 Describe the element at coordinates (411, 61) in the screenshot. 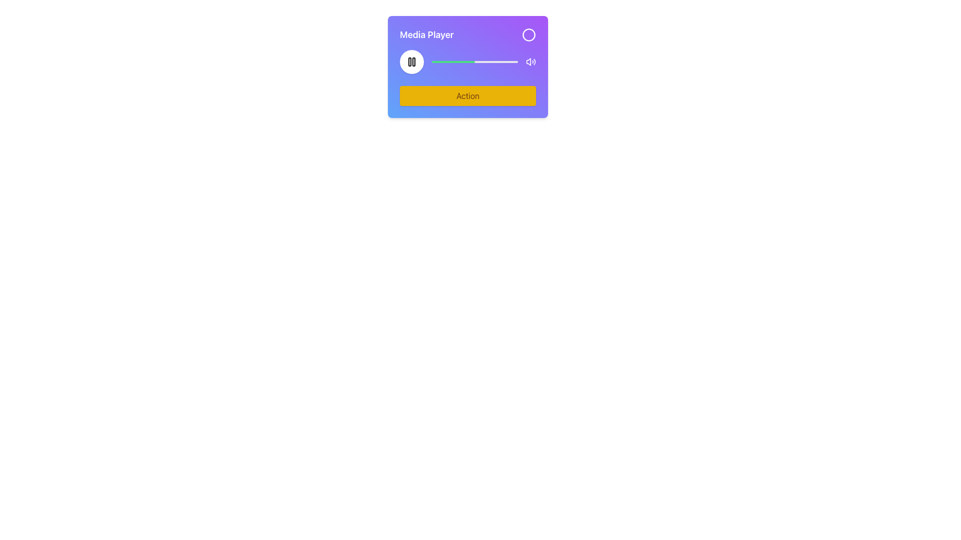

I see `the 'Pause' control icon located centrally within the interactive circular button in the upper-right section of the media player interface` at that location.